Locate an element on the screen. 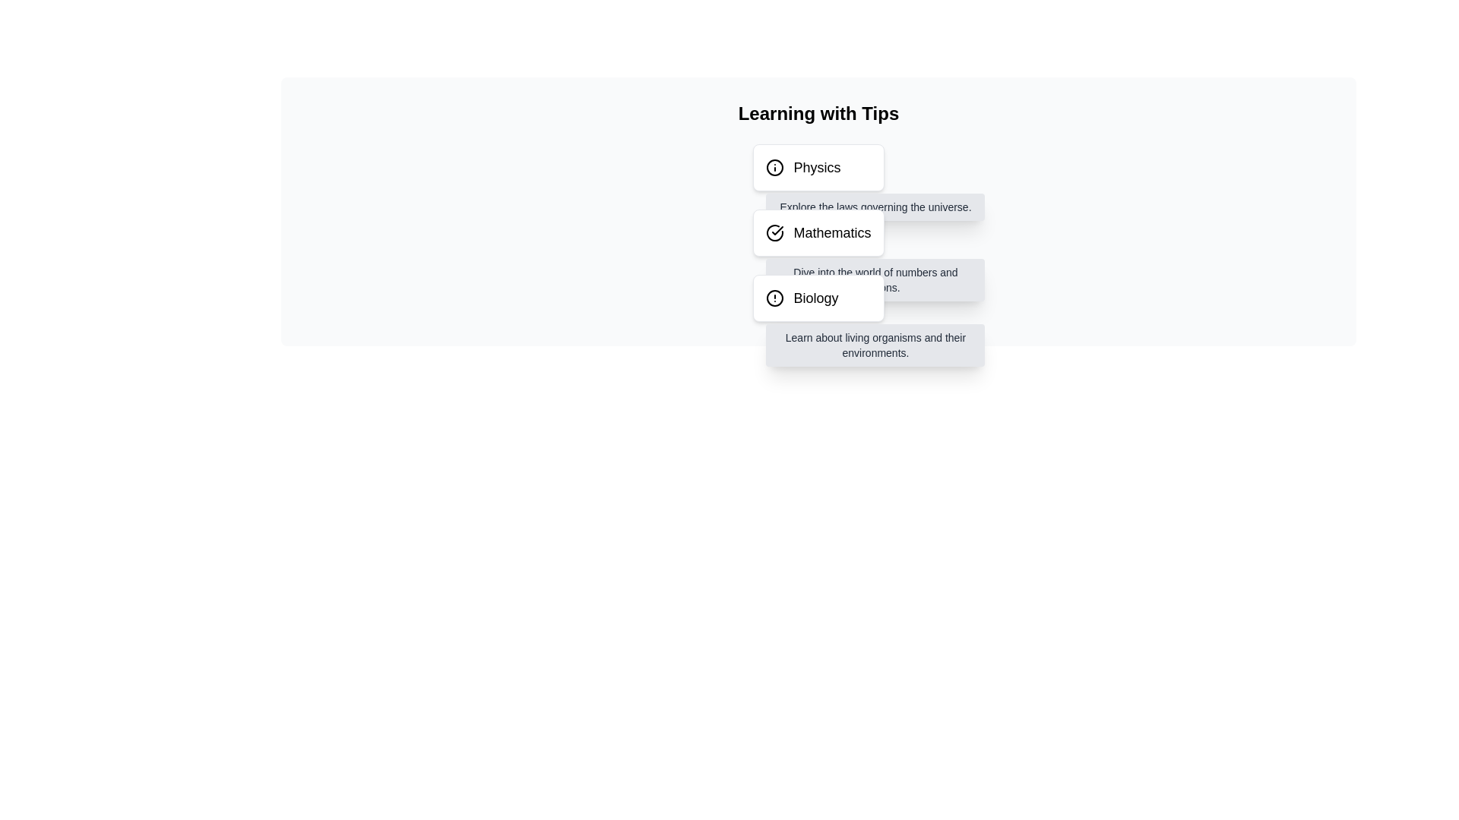  displayed text 'Physics' from the text label that is styled with a moderately large font size and bold typeface, located at the top of a vertically stacked list of entries including 'Mathematics' and 'Biology' is located at coordinates (816, 167).